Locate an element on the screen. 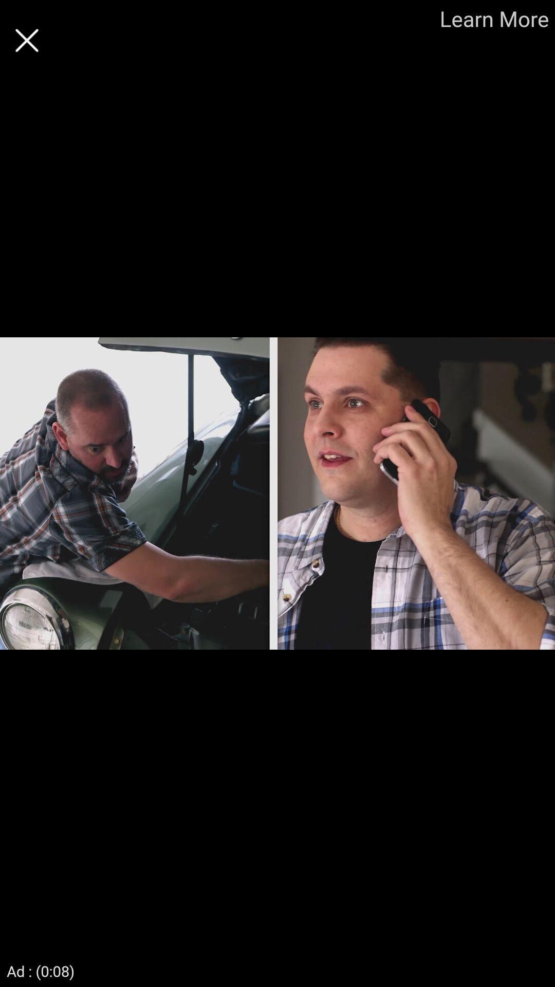 The image size is (555, 987). exit is located at coordinates (26, 40).